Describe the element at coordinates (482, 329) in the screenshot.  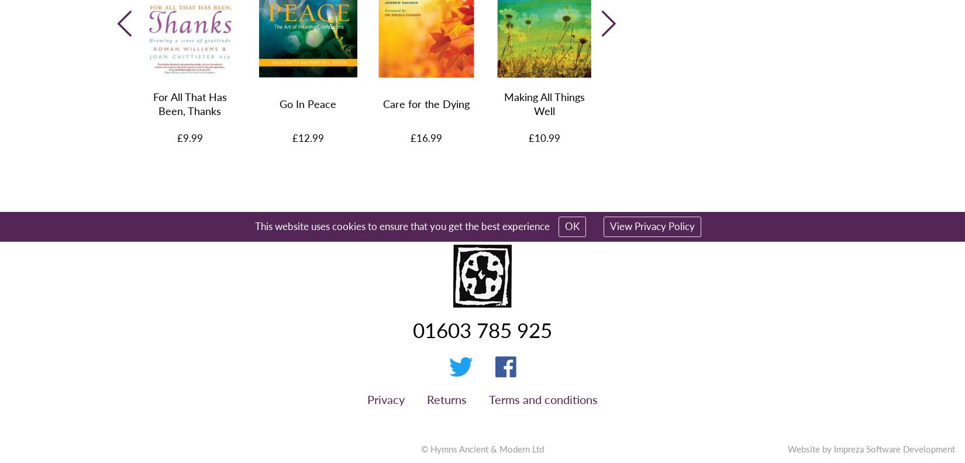
I see `'01603 785 925'` at that location.